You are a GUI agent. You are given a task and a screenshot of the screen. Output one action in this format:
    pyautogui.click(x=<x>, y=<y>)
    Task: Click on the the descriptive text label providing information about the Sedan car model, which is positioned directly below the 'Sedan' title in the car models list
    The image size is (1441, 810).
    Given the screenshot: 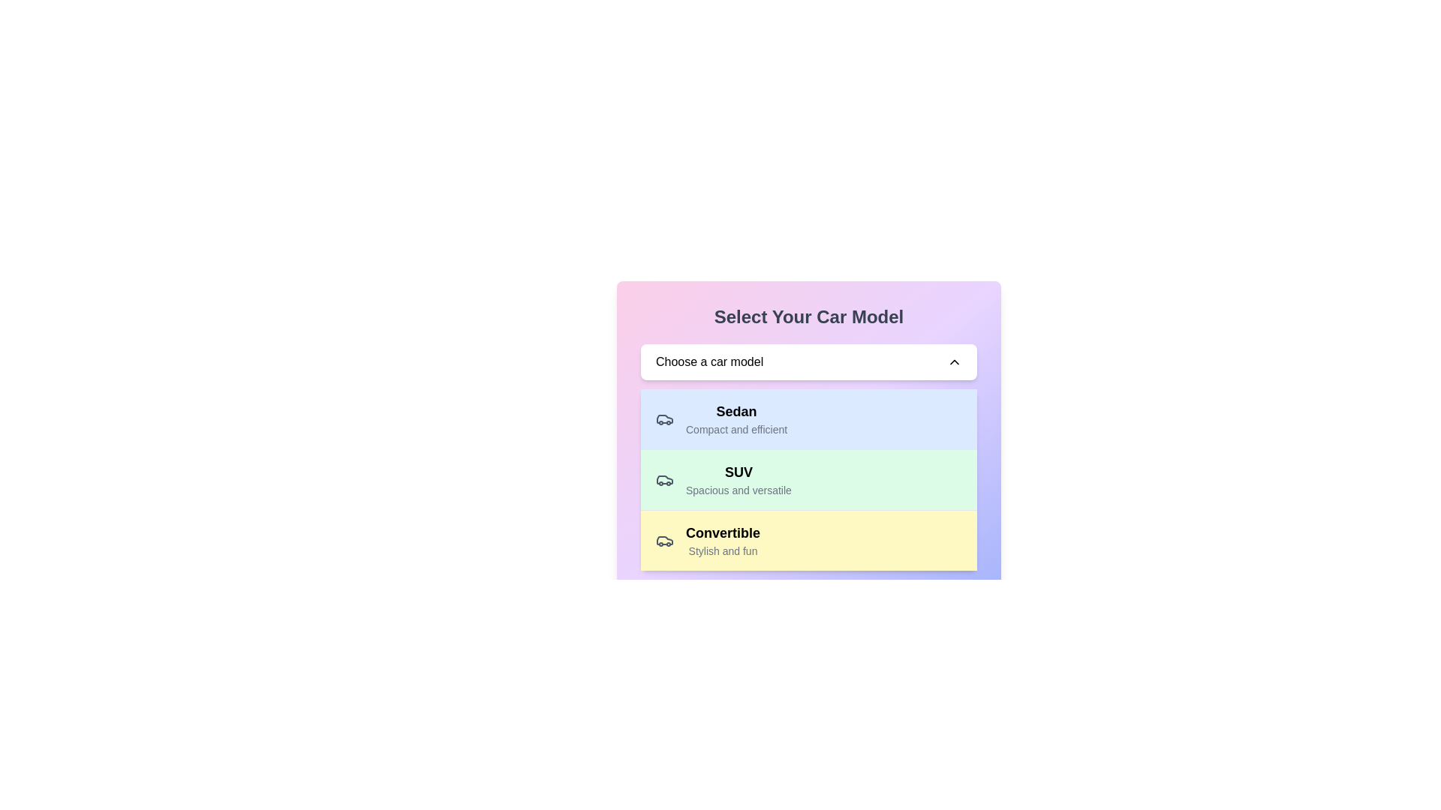 What is the action you would take?
    pyautogui.click(x=736, y=430)
    